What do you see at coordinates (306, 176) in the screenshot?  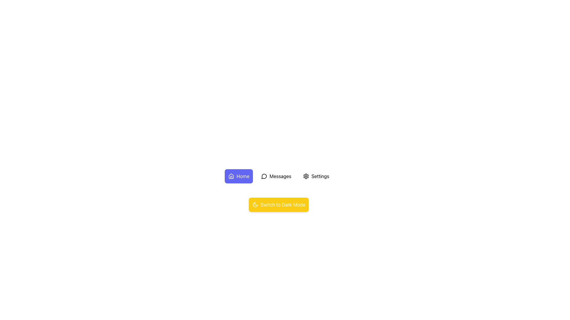 I see `the cogwheel-shaped icon on the 'Settings' button, which is the third button in a row, located to the left end of the button with a thin outline and gear-like appearance` at bounding box center [306, 176].